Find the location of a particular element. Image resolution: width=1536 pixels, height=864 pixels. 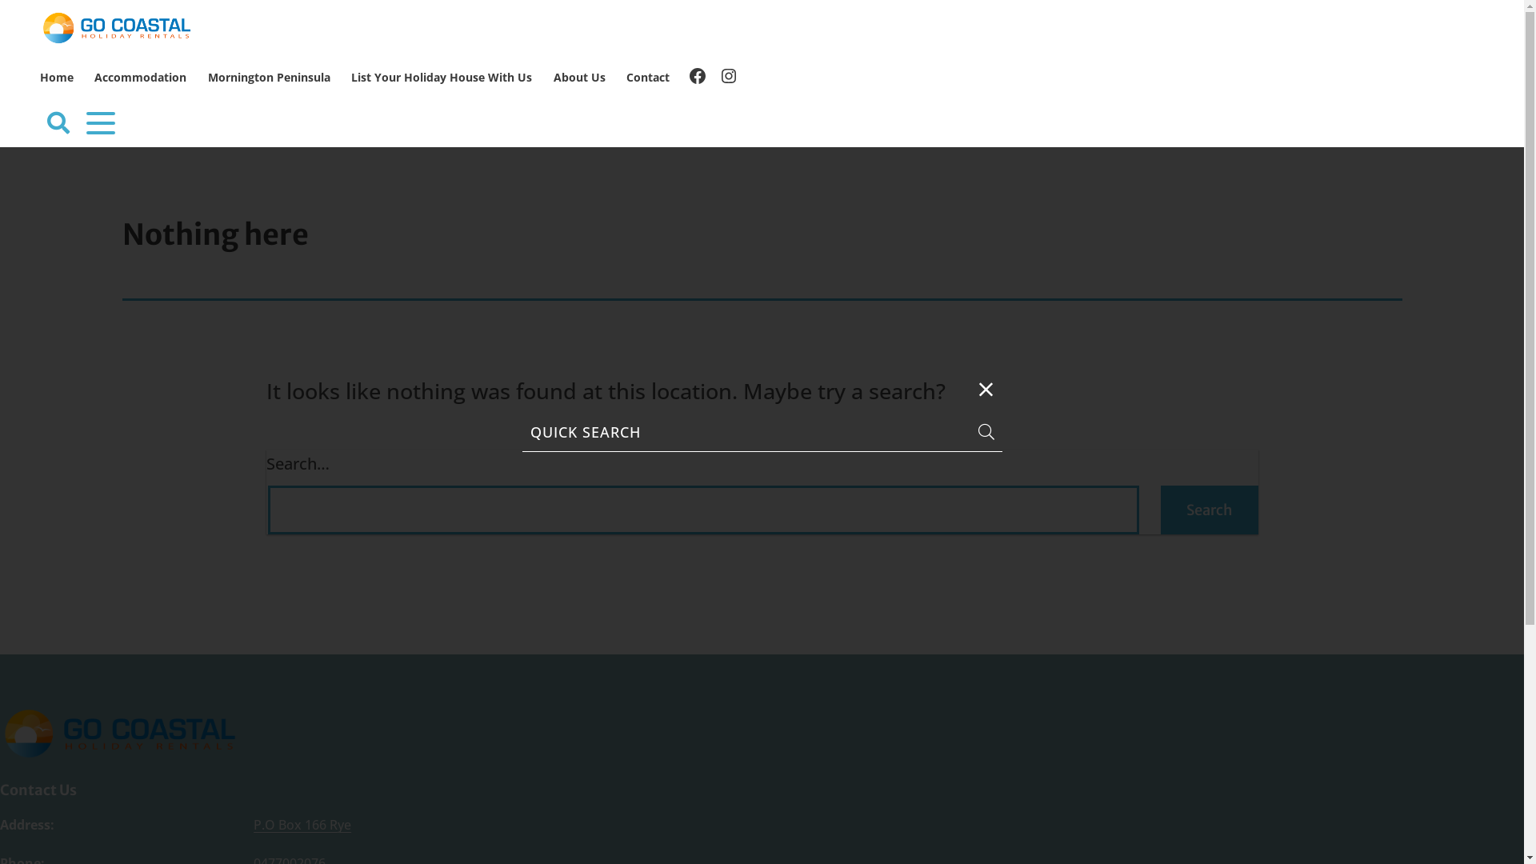

'Instagram' is located at coordinates (728, 77).